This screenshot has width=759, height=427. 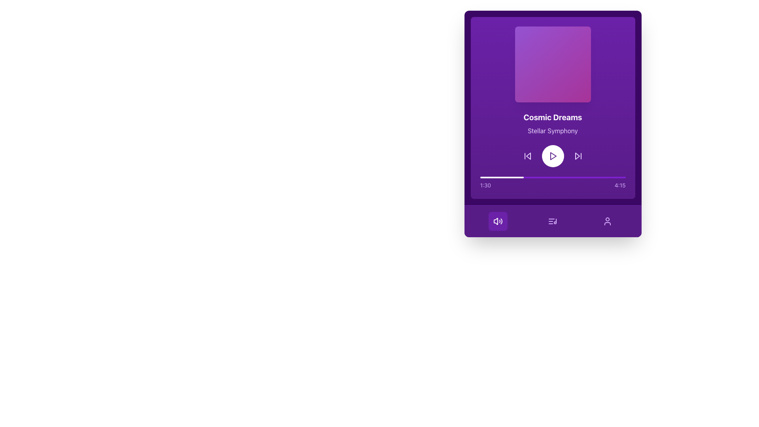 I want to click on the progress bar that visually represents the playback progress of a media track to seek to a different time position, so click(x=552, y=177).